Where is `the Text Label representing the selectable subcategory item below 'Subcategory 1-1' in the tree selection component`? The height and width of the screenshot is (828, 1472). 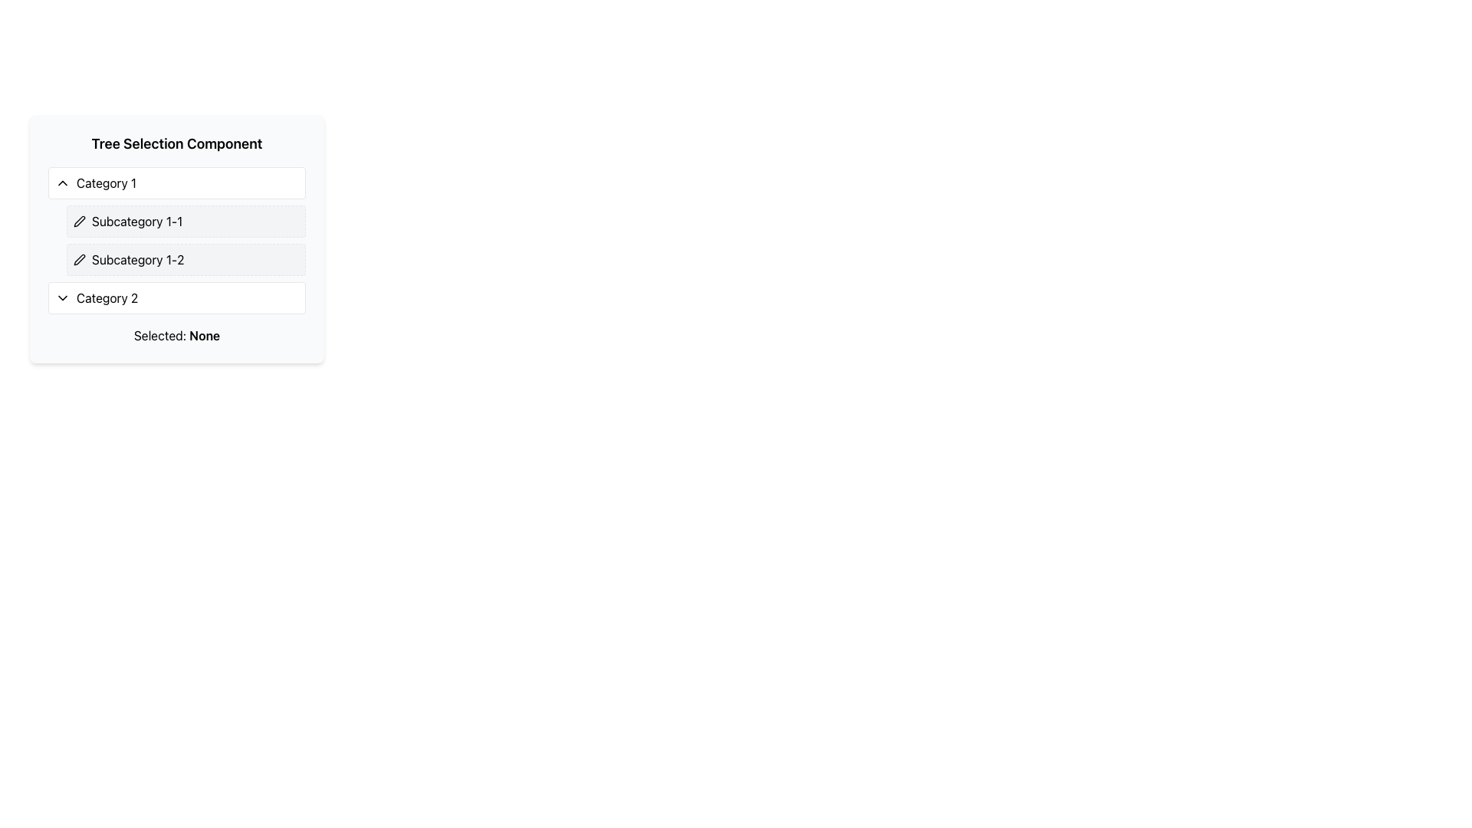 the Text Label representing the selectable subcategory item below 'Subcategory 1-1' in the tree selection component is located at coordinates (138, 259).